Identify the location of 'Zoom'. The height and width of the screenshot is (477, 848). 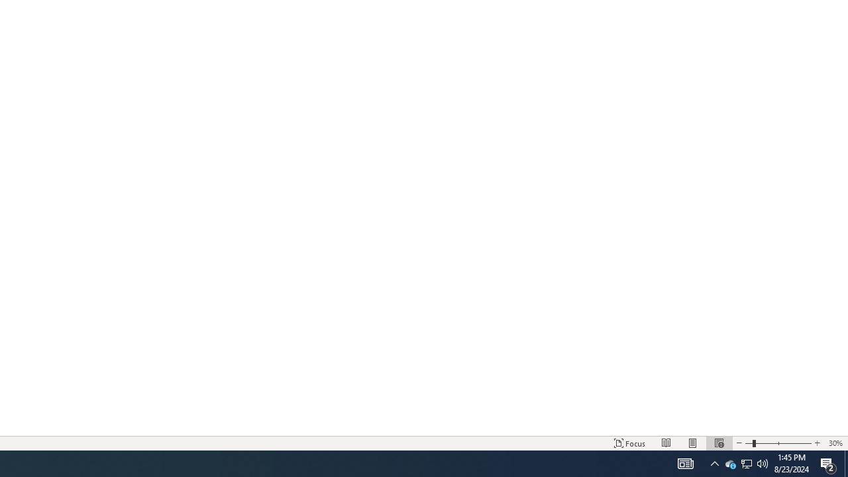
(778, 443).